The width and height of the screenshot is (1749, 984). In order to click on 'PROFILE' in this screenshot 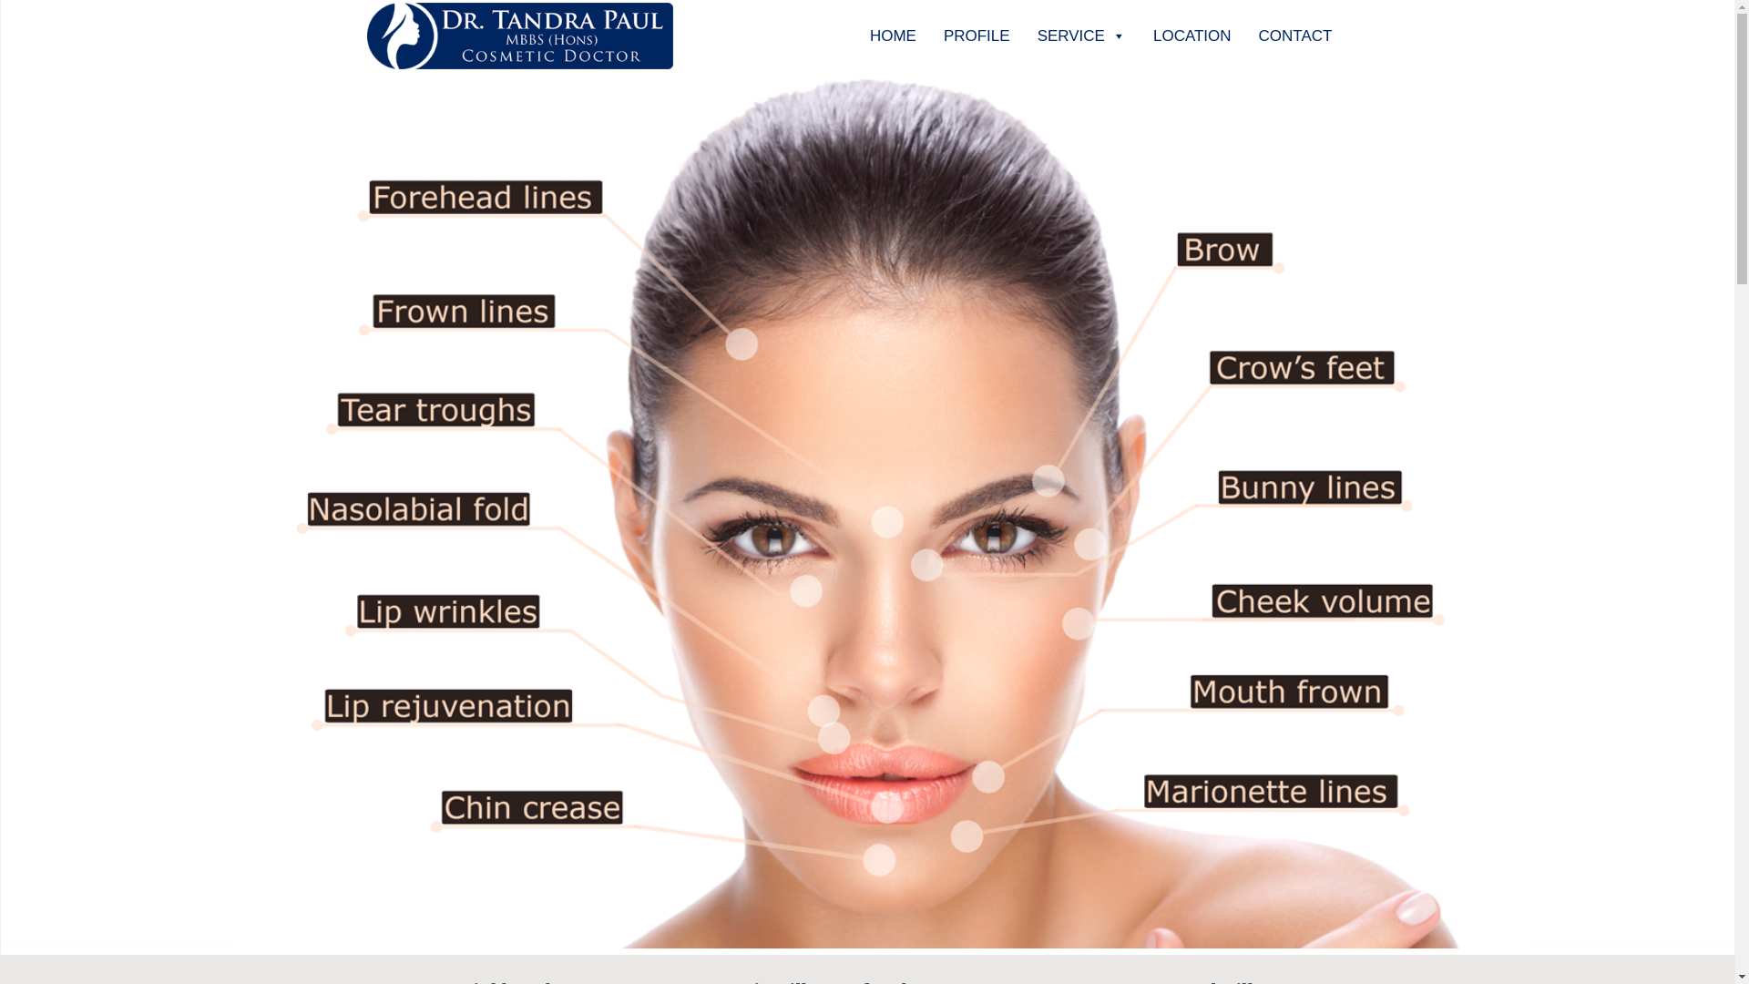, I will do `click(976, 30)`.